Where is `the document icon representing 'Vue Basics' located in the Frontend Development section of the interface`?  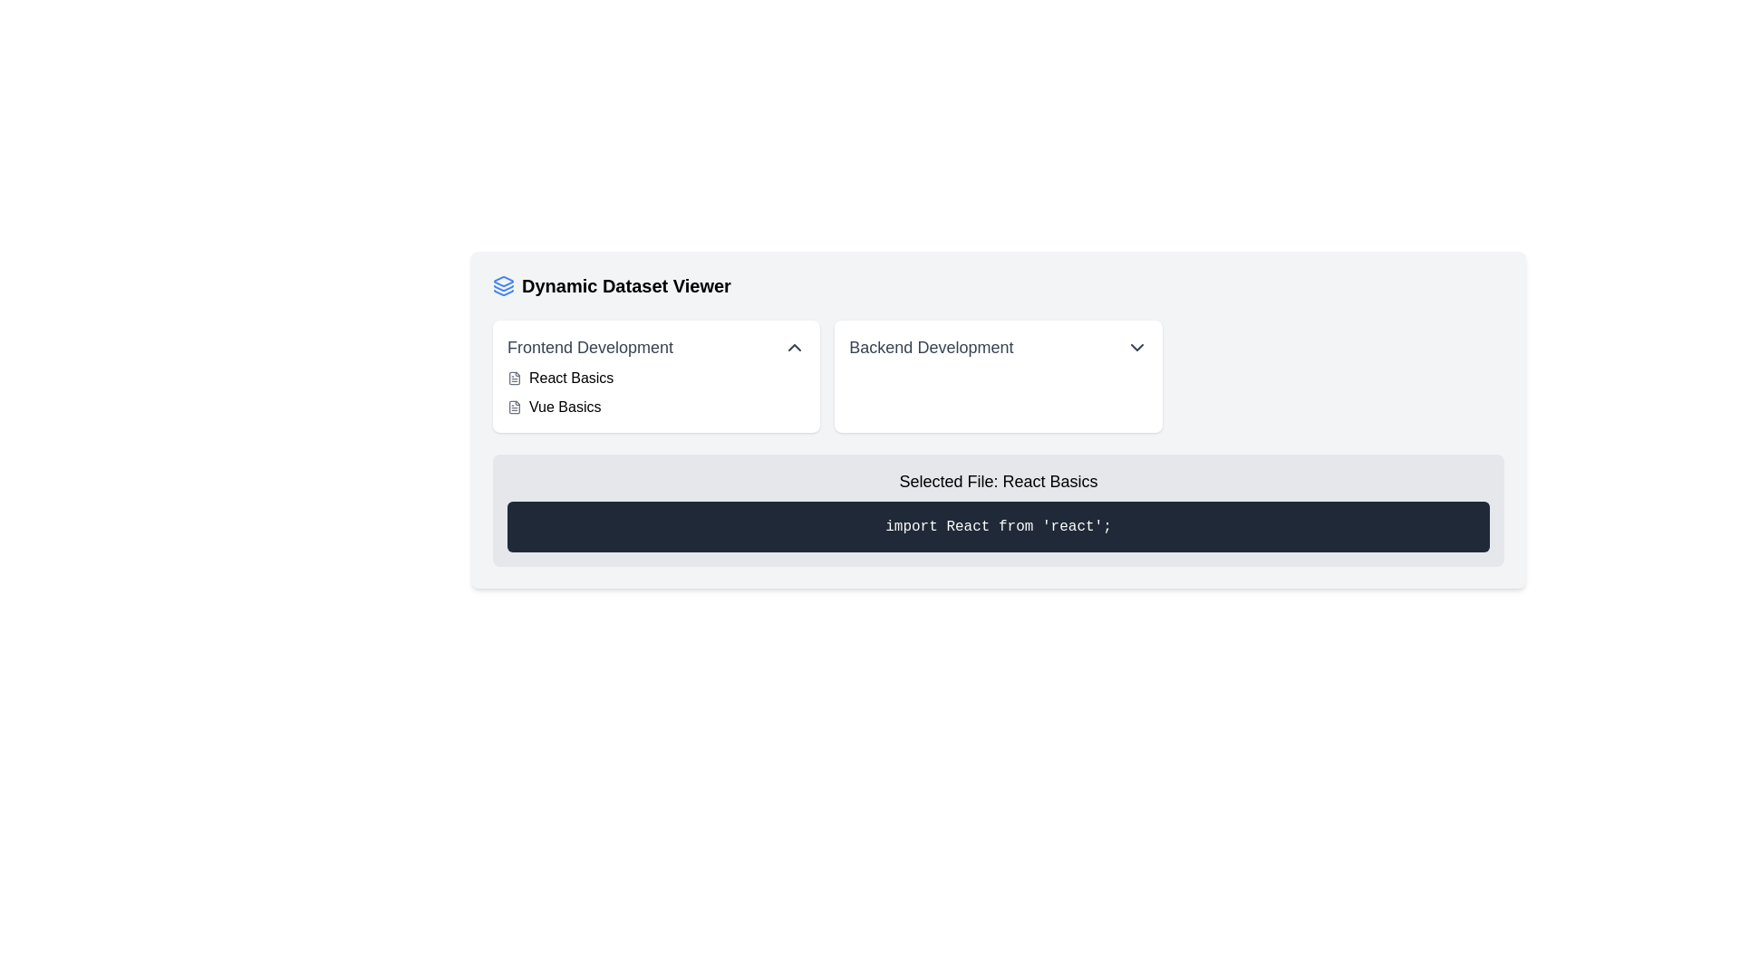 the document icon representing 'Vue Basics' located in the Frontend Development section of the interface is located at coordinates (513, 407).